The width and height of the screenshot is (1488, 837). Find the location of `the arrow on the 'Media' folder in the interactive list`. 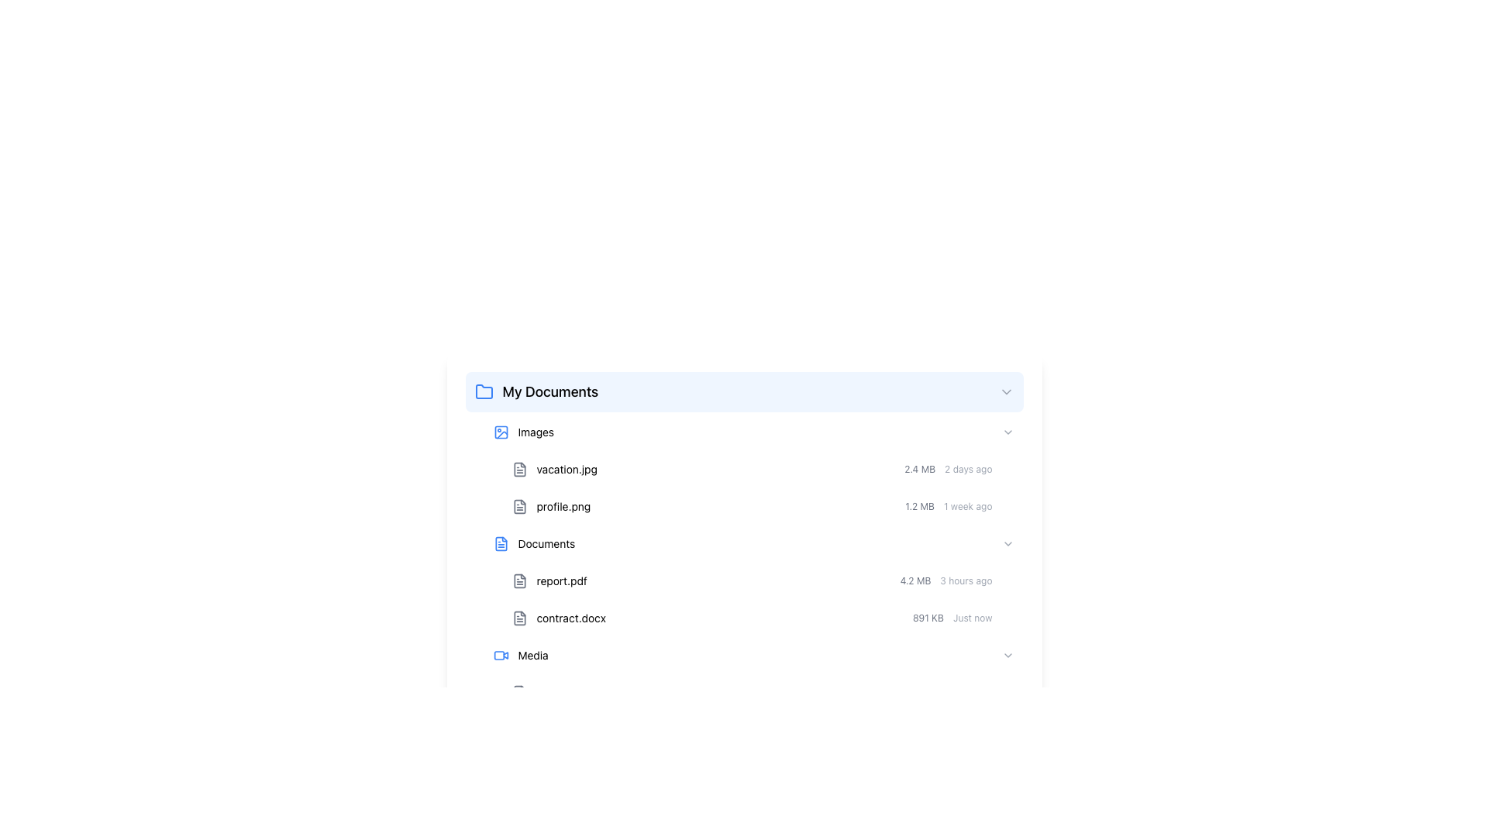

the arrow on the 'Media' folder in the interactive list is located at coordinates (753, 655).